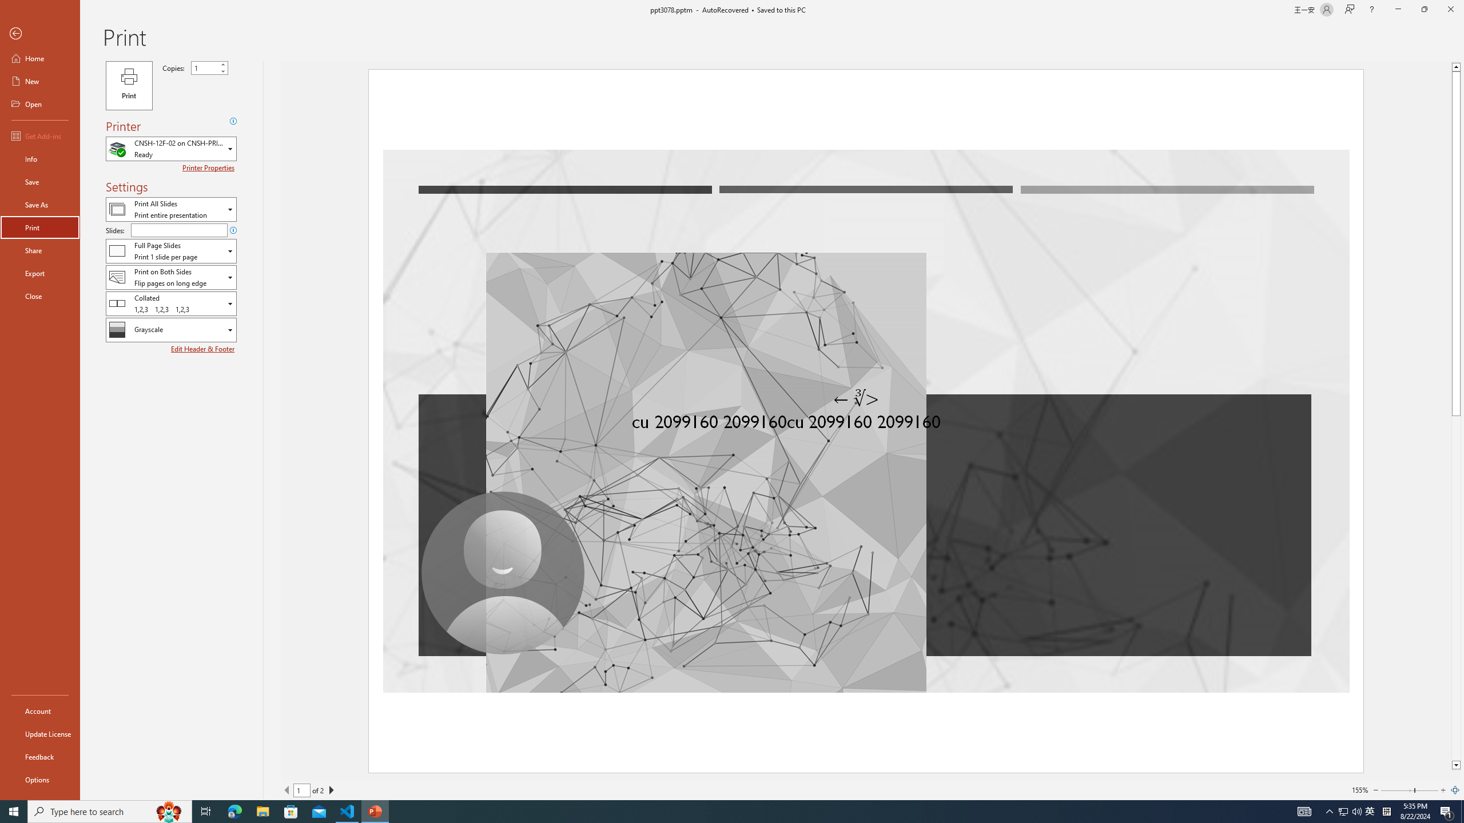 The height and width of the screenshot is (823, 1464). What do you see at coordinates (39, 273) in the screenshot?
I see `'Export'` at bounding box center [39, 273].